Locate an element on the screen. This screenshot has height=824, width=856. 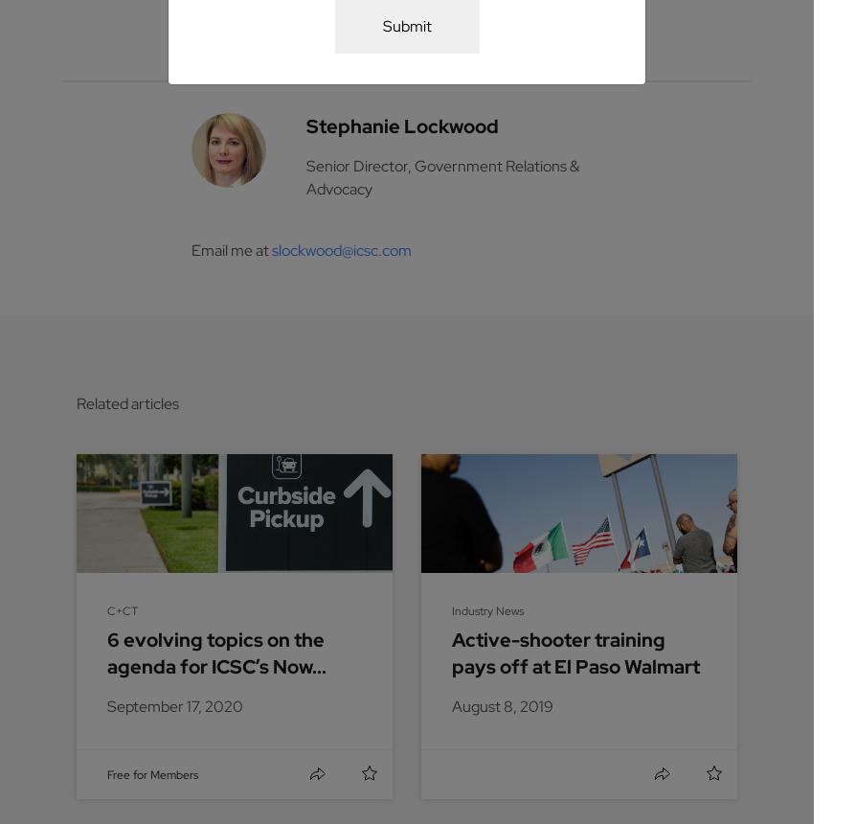
'Submit' is located at coordinates (405, 25).